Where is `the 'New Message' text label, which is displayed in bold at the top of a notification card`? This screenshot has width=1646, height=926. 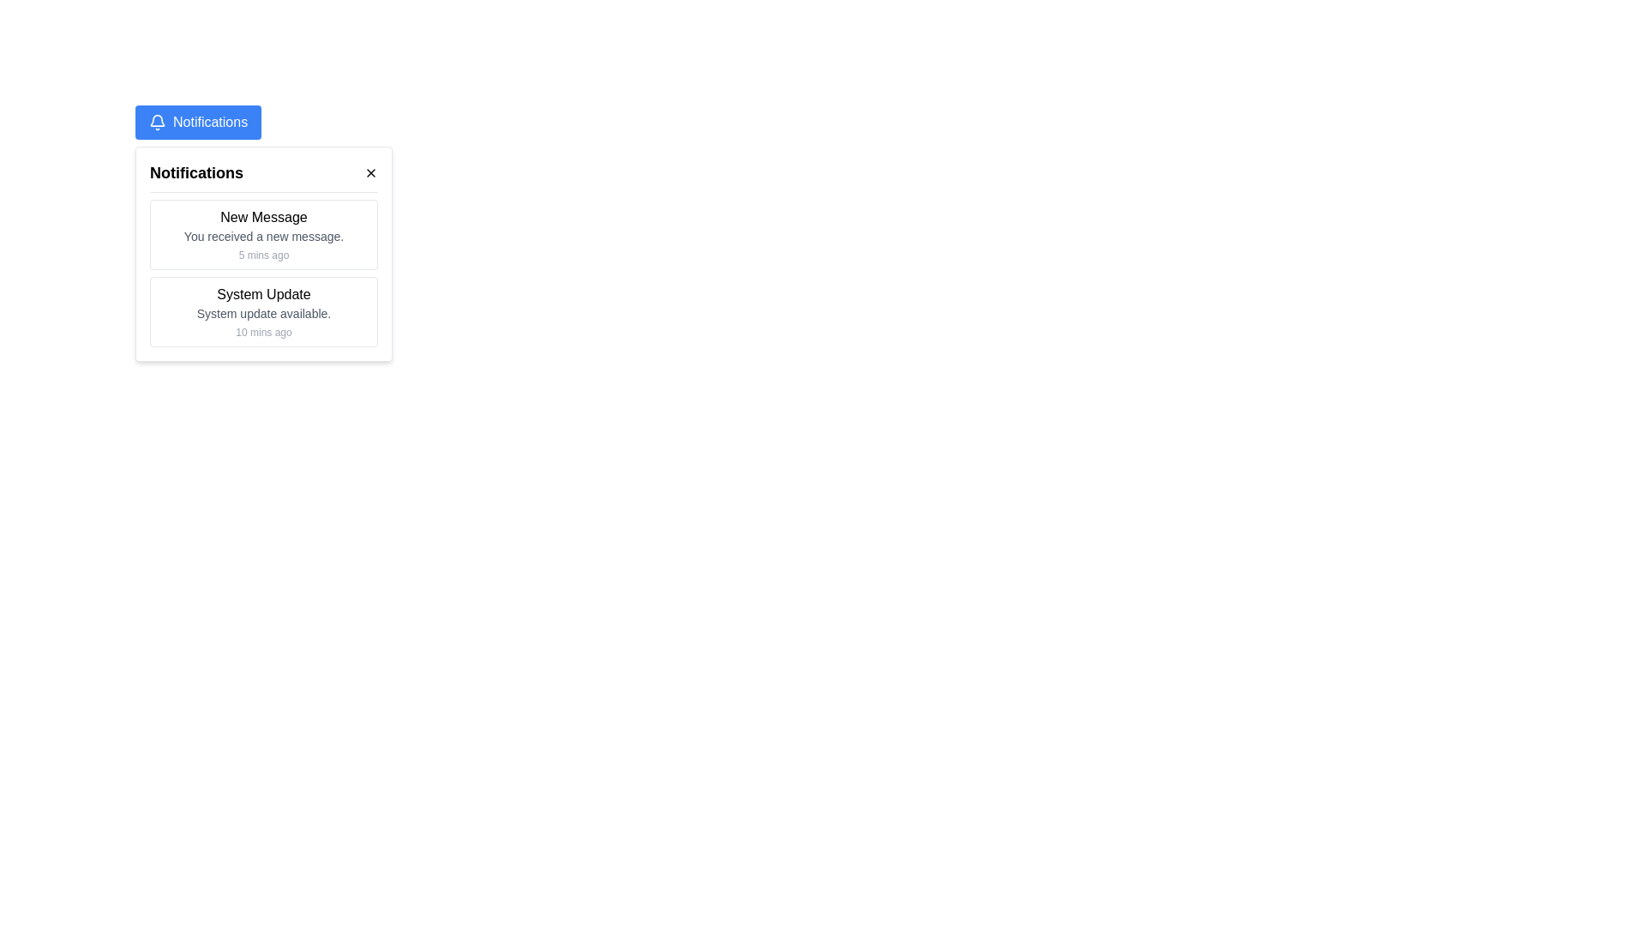 the 'New Message' text label, which is displayed in bold at the top of a notification card is located at coordinates (262, 217).